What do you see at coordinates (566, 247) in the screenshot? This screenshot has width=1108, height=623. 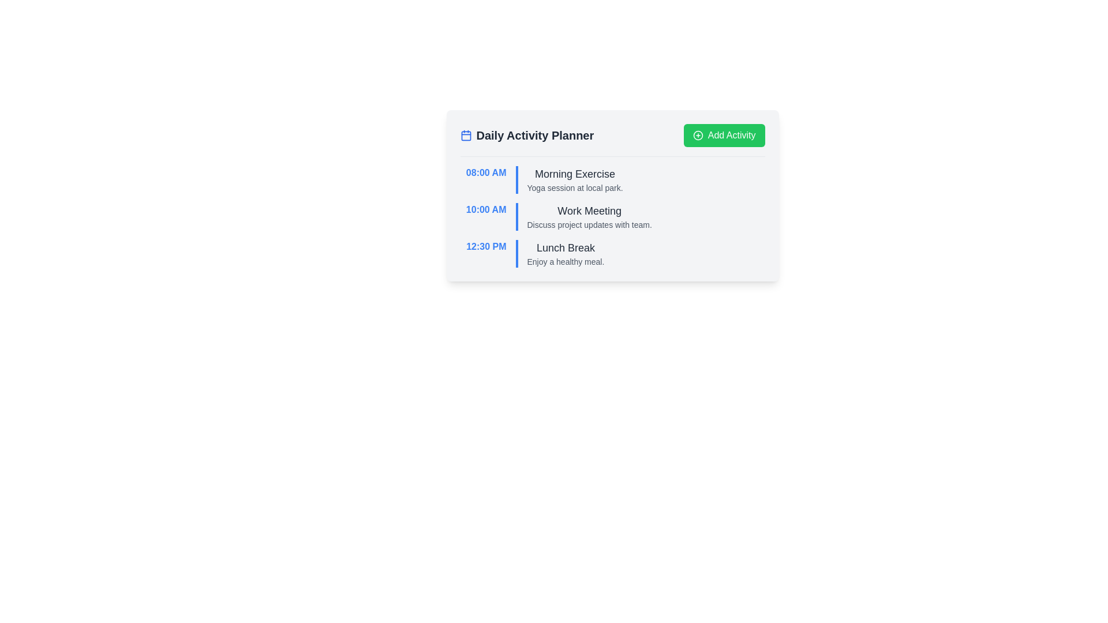 I see `the 'Lunch Break' text element, which is displayed in bold and large gray font, positioned above the supporting text and to the right of the '12:30 PM' timestamp` at bounding box center [566, 247].